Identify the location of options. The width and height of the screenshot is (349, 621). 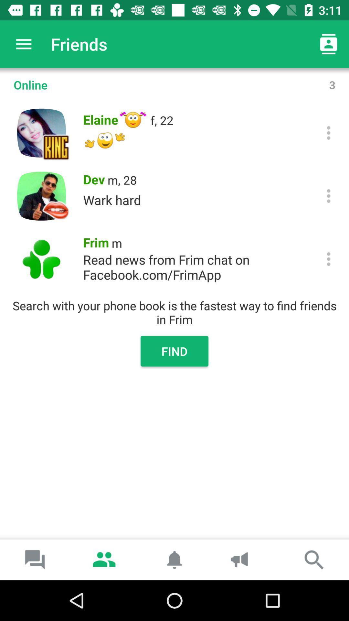
(329, 195).